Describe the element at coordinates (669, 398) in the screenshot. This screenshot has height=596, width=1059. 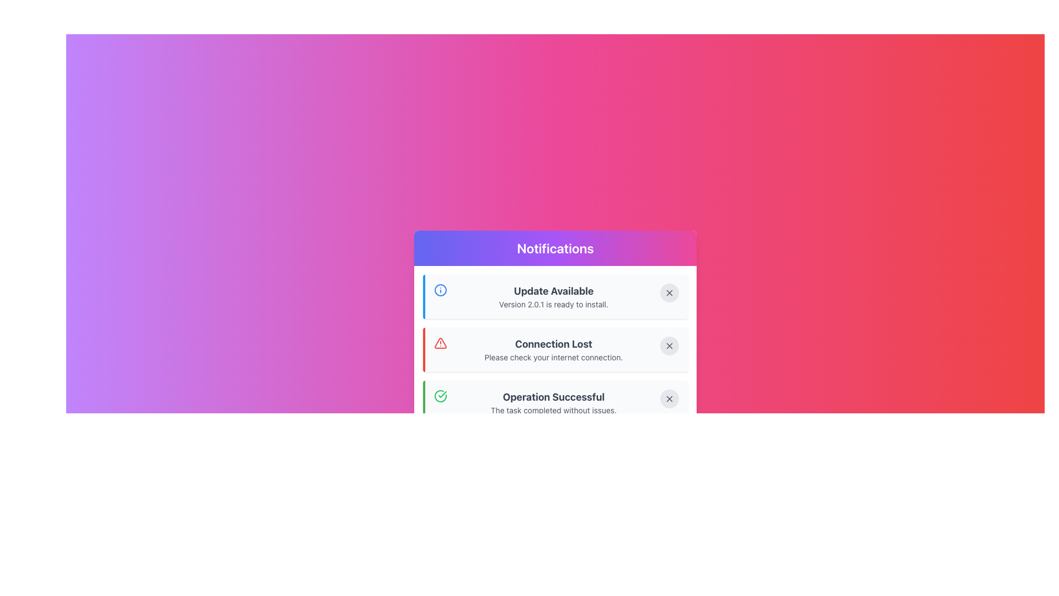
I see `the close button of the 'Operation Successful' notification` at that location.